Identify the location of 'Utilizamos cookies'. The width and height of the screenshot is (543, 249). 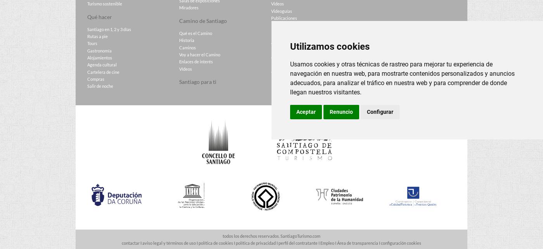
(329, 46).